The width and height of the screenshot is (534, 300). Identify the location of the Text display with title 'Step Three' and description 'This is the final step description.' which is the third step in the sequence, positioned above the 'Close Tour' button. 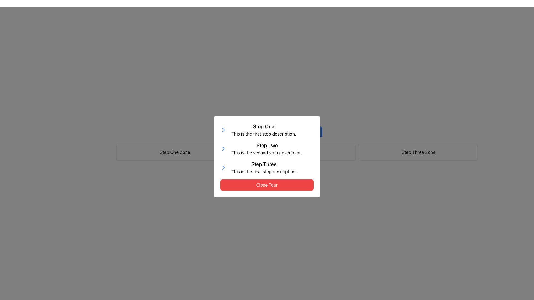
(267, 167).